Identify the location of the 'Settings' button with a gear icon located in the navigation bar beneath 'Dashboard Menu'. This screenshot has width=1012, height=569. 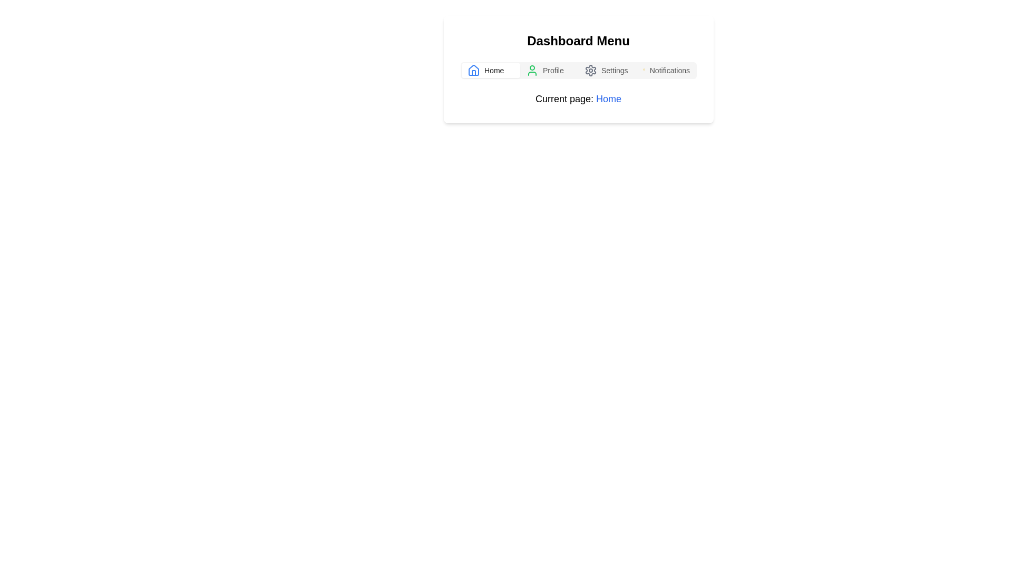
(607, 71).